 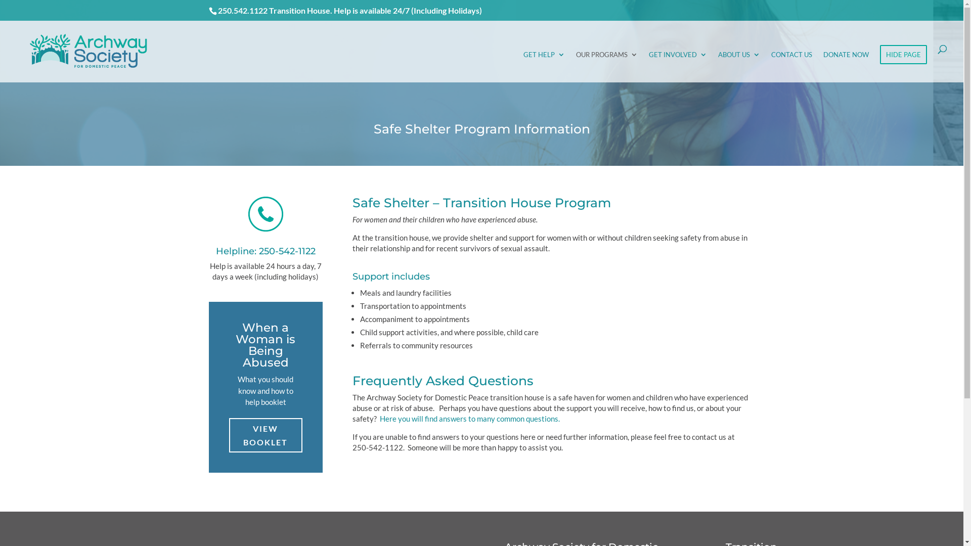 I want to click on 'ABOUT US', so click(x=739, y=66).